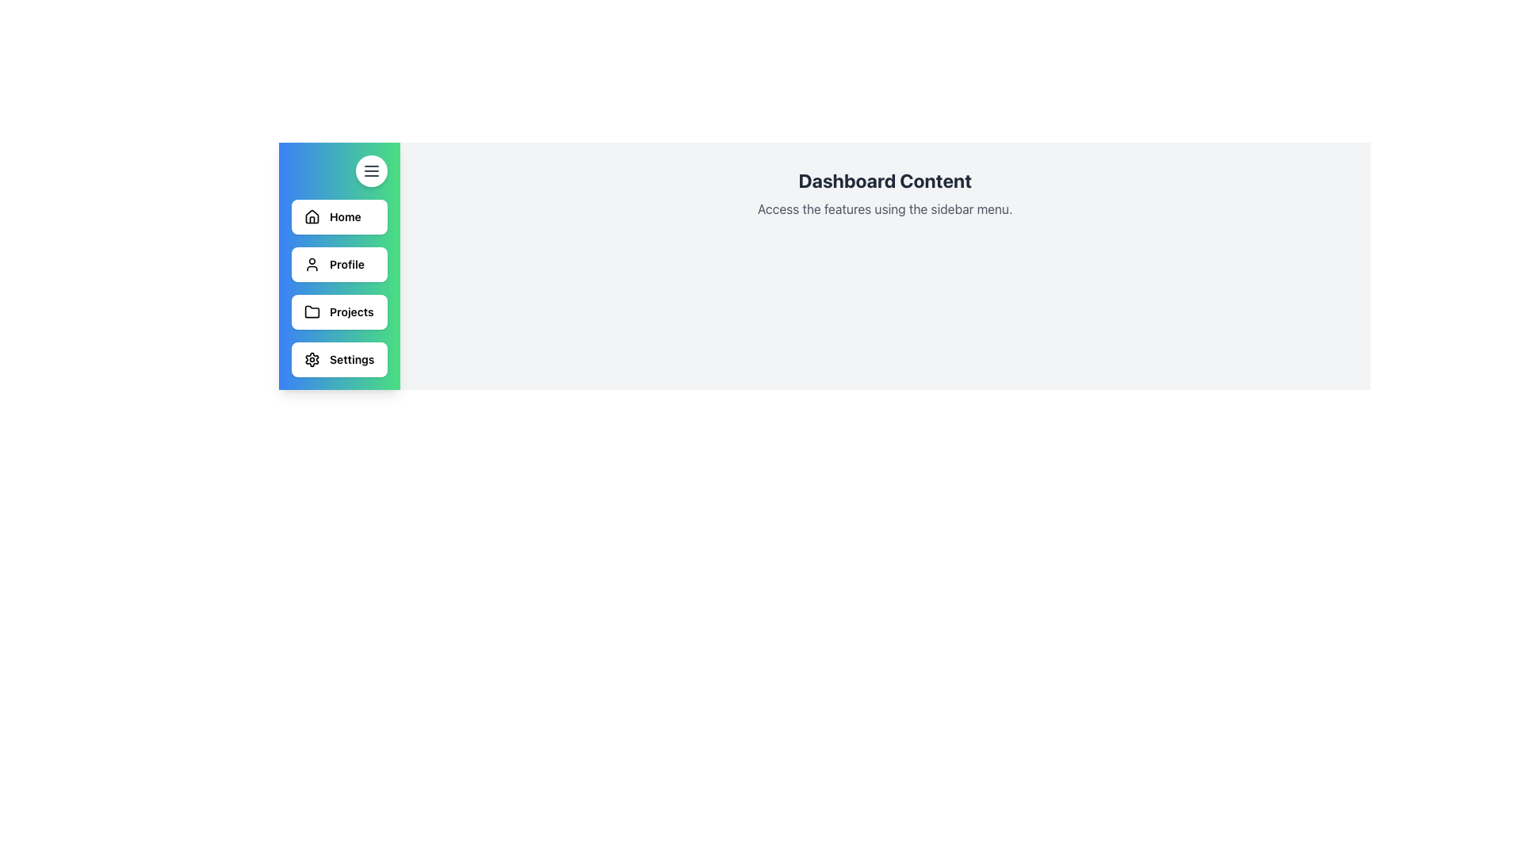 The height and width of the screenshot is (856, 1522). Describe the element at coordinates (344, 216) in the screenshot. I see `the 'Home' label in the left-aligned vertical sidebar menu, which is the first item under the house icon` at that location.